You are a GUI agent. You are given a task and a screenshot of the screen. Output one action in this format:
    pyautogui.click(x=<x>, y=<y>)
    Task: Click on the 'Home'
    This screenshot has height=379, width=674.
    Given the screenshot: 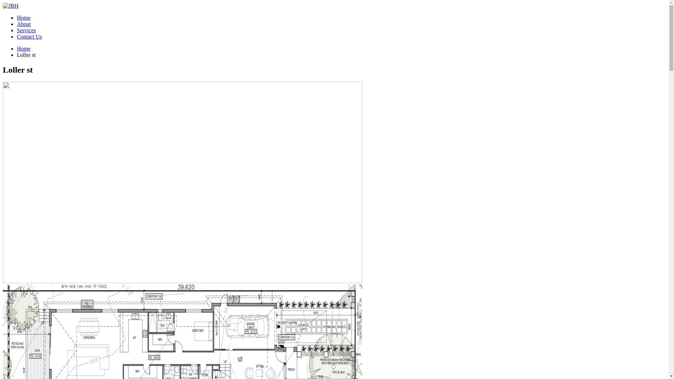 What is the action you would take?
    pyautogui.click(x=24, y=17)
    